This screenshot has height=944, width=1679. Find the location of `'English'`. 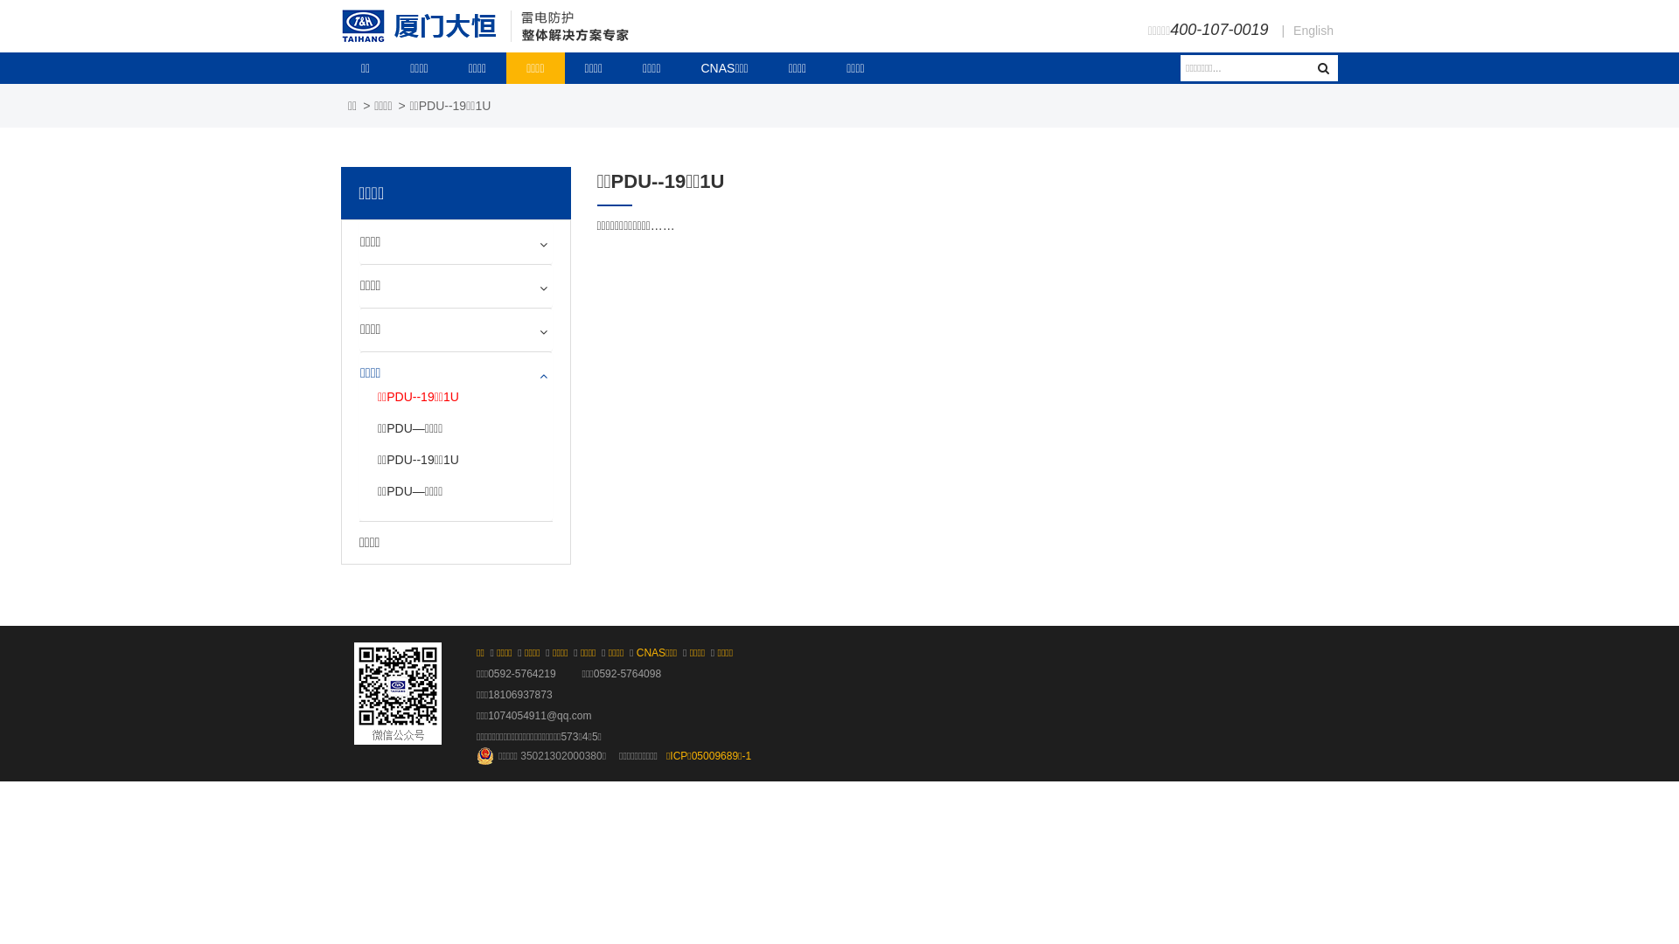

'English' is located at coordinates (1313, 30).